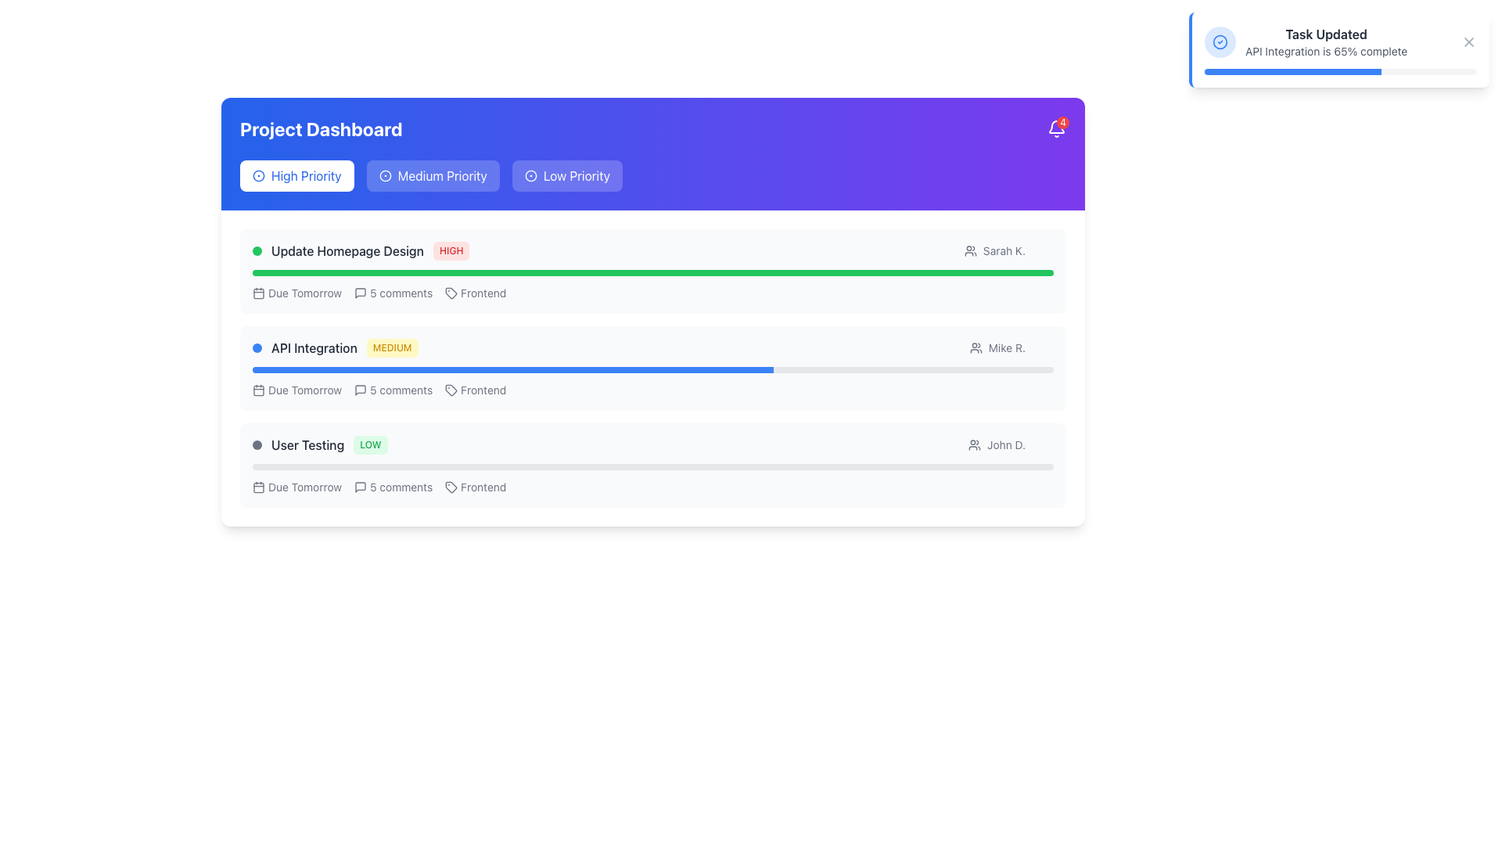  What do you see at coordinates (1325, 34) in the screenshot?
I see `the text label at the top of the notification card, which summarizes the update or alert being conveyed, located at the top-right side of the interface` at bounding box center [1325, 34].